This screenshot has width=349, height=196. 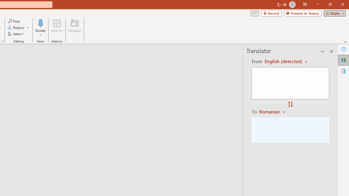 What do you see at coordinates (330, 4) in the screenshot?
I see `'Restore Down'` at bounding box center [330, 4].